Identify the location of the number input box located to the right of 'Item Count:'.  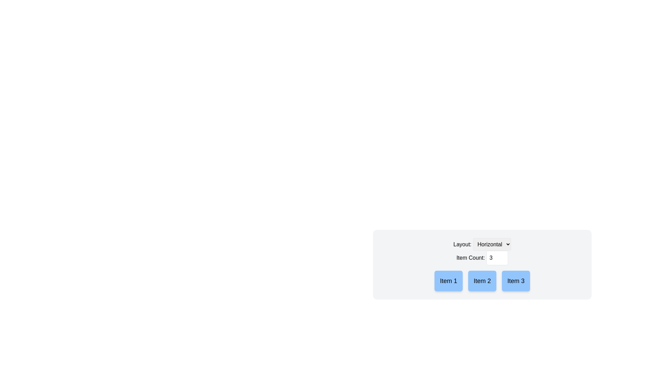
(497, 258).